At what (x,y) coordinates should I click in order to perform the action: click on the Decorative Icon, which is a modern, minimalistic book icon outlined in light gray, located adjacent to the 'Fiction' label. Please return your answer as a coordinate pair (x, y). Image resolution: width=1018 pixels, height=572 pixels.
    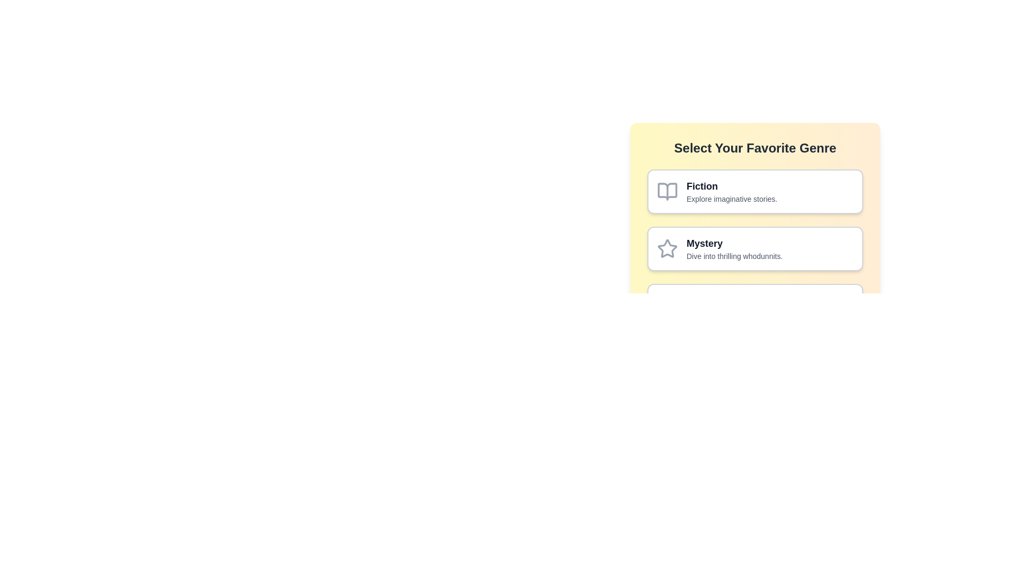
    Looking at the image, I should click on (666, 192).